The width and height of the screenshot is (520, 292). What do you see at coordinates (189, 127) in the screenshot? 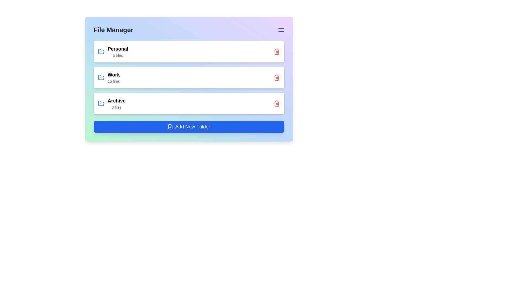
I see `the 'Add New Folder' button` at bounding box center [189, 127].